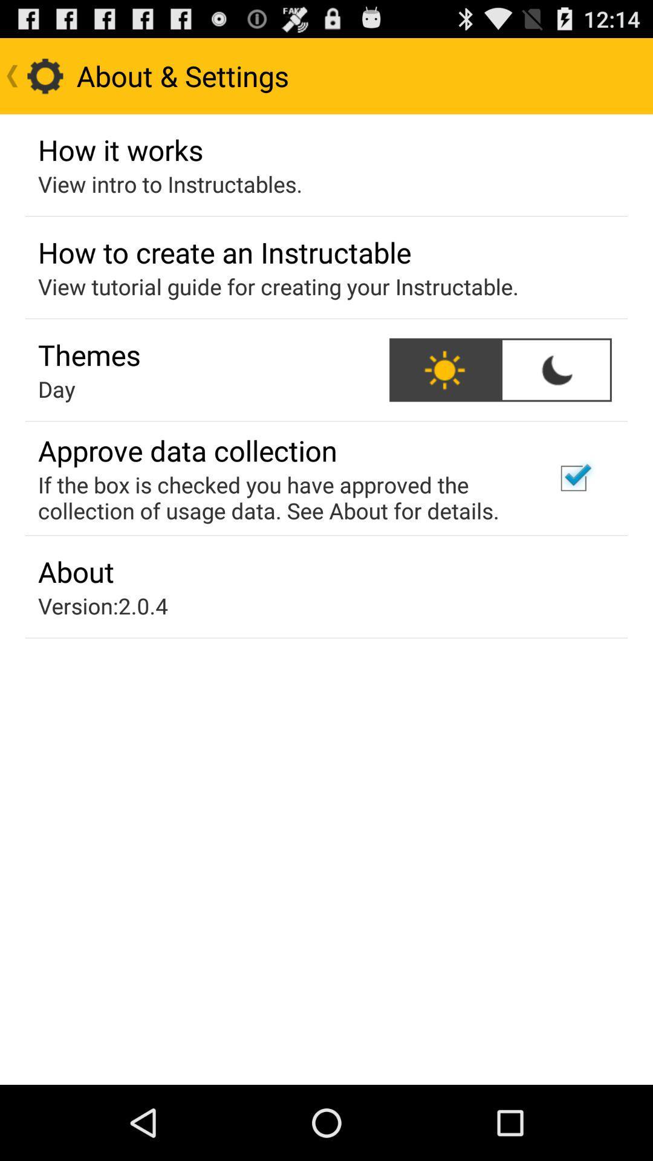 This screenshot has height=1161, width=653. Describe the element at coordinates (445, 369) in the screenshot. I see `the icon next to the themes icon` at that location.